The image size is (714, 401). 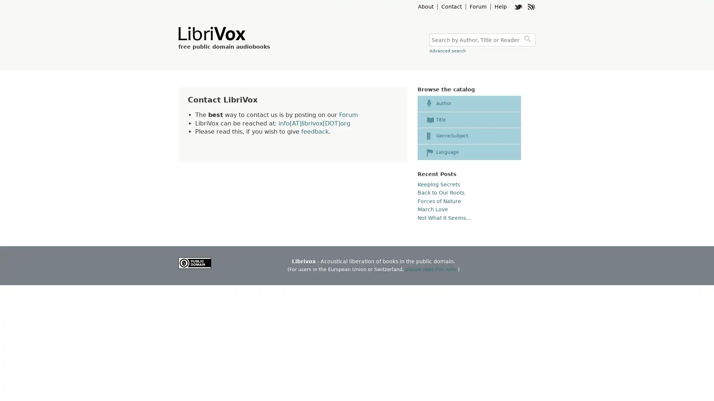 I want to click on Search, so click(x=528, y=40).